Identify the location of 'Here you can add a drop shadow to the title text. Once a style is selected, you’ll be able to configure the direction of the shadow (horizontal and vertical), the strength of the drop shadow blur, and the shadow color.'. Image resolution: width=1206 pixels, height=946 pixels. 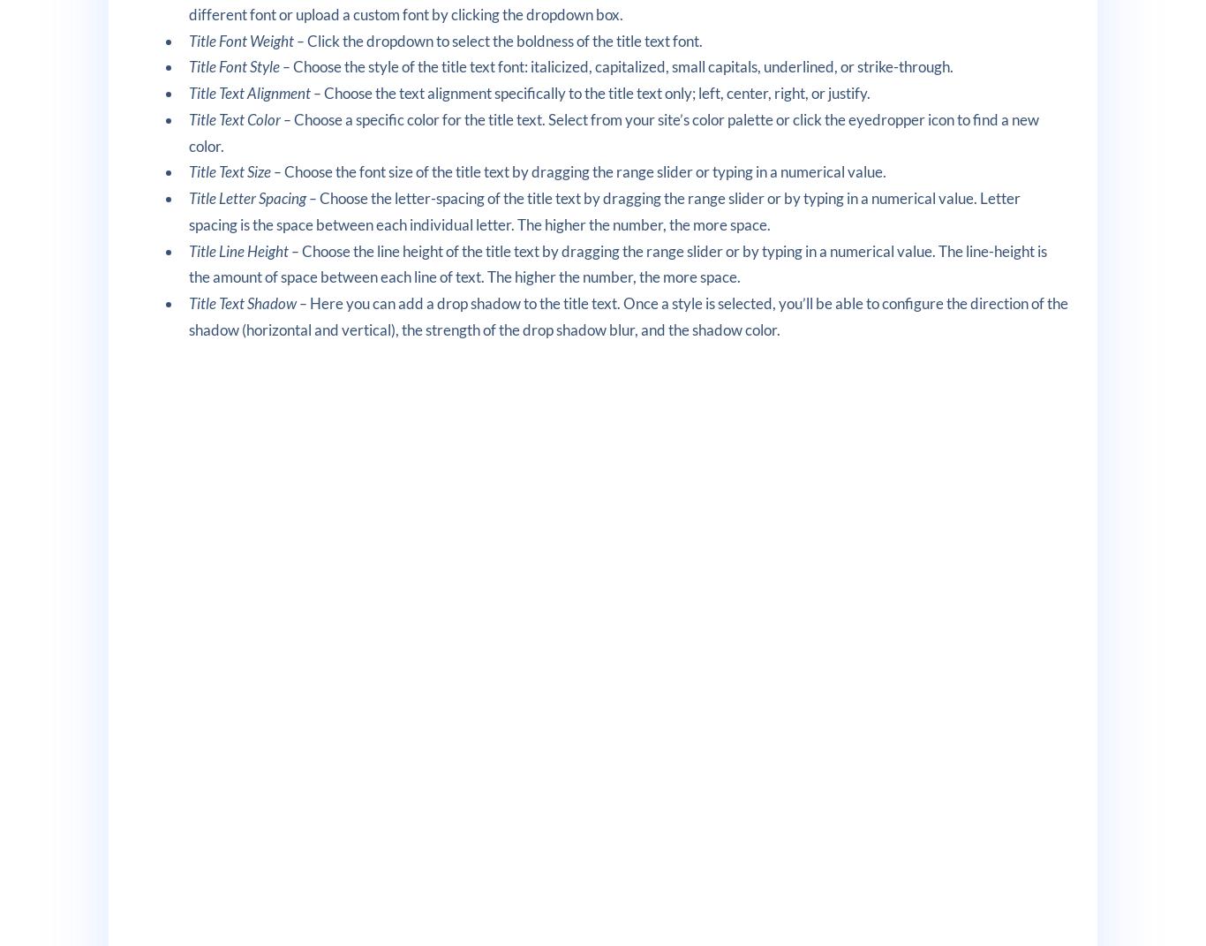
(188, 314).